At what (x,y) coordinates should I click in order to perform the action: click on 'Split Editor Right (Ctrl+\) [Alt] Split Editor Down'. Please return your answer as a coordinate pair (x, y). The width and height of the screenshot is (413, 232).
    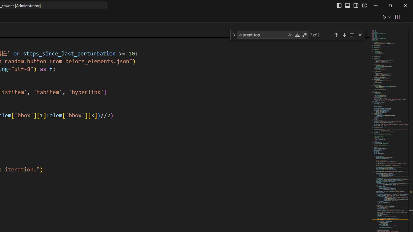
    Looking at the image, I should click on (397, 16).